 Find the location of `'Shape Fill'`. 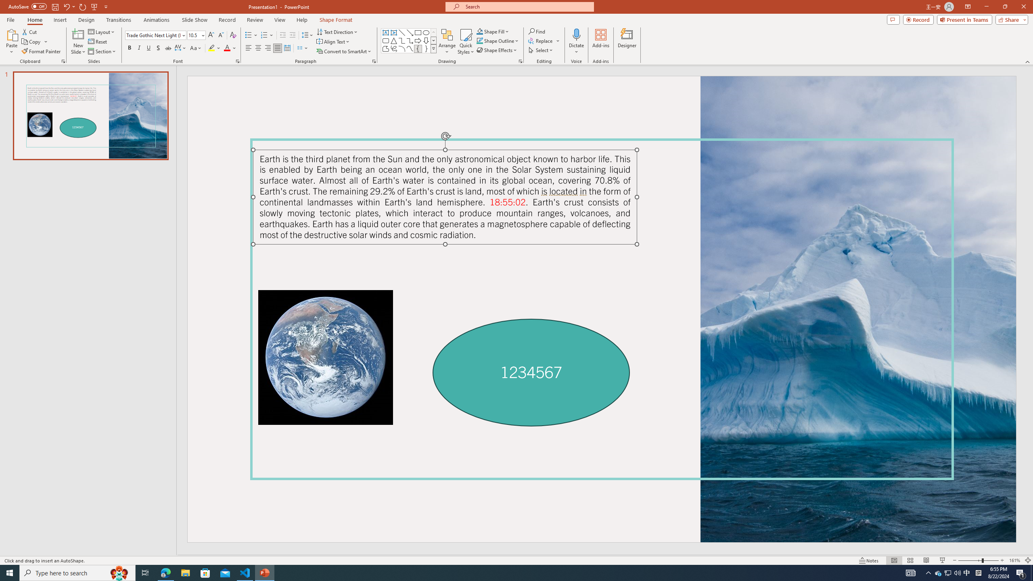

'Shape Fill' is located at coordinates (493, 31).